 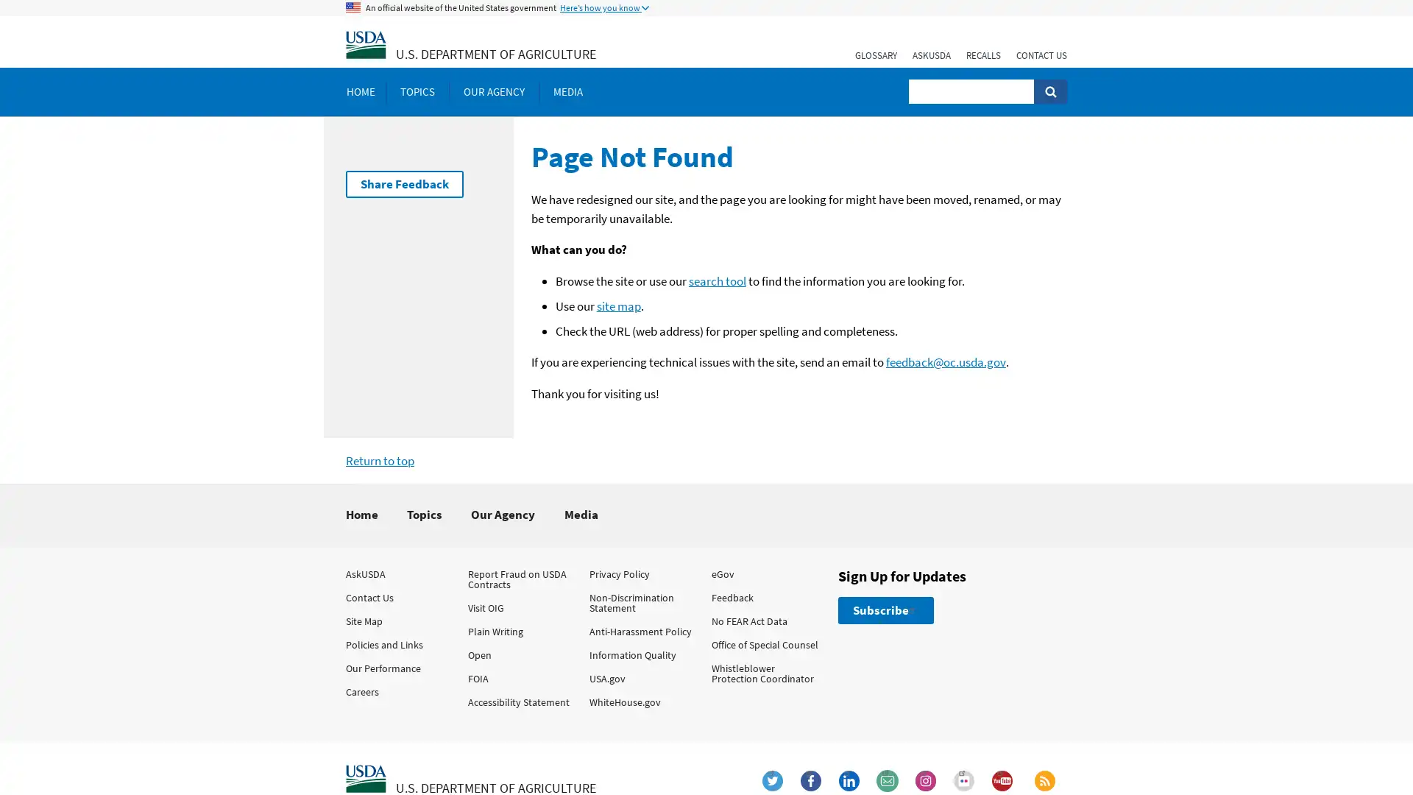 What do you see at coordinates (494, 91) in the screenshot?
I see `OUR AGENCY` at bounding box center [494, 91].